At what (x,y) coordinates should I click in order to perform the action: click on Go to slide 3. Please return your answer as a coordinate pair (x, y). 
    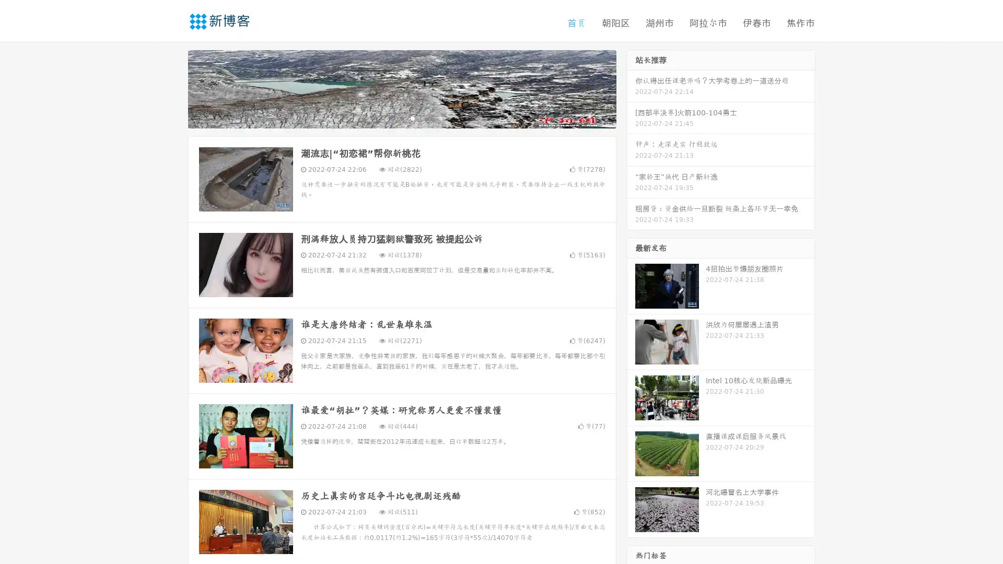
    Looking at the image, I should click on (412, 118).